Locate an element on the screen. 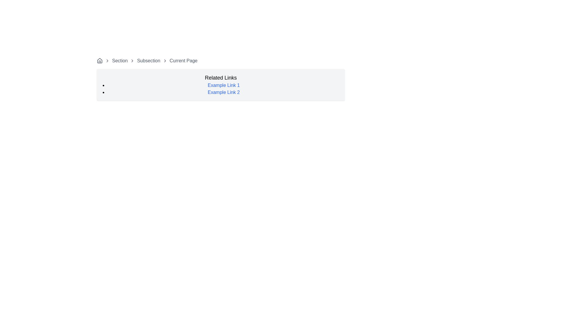  the light-gray rectangular Informational panel labeled 'Related Links' that contains interactive links 'Example Link 1' and 'Example Link 2' is located at coordinates (220, 85).